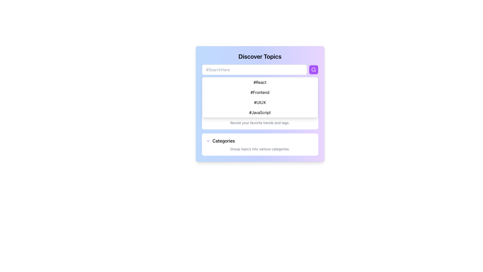  Describe the element at coordinates (313, 70) in the screenshot. I see `the search icon represented by the magnifier located at the top-right corner of the search bar` at that location.